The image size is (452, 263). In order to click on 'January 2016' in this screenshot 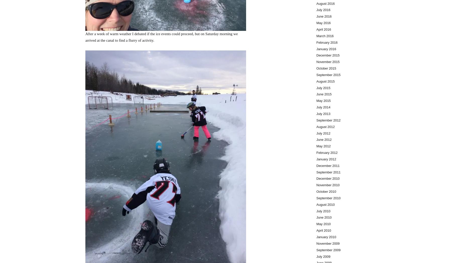, I will do `click(326, 48)`.